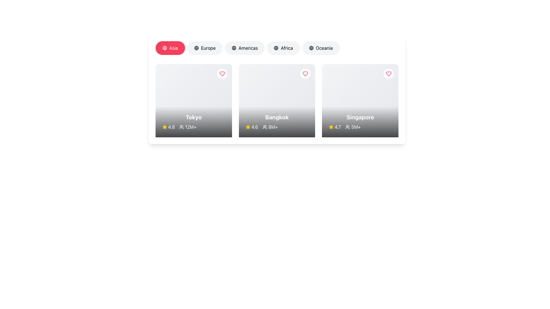  I want to click on rating value displayed in the third card (Singapore) below the main title and above the '5M+' line, aligned to the left after the yellow star icon, so click(335, 126).